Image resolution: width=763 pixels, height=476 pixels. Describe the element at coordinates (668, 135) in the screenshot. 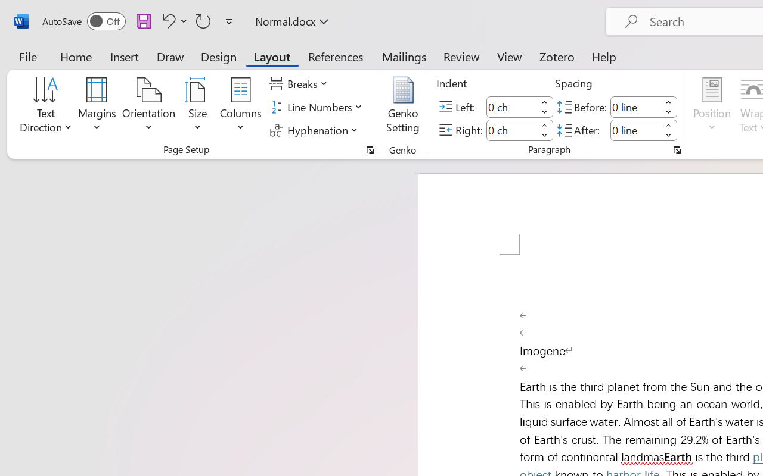

I see `'Less'` at that location.